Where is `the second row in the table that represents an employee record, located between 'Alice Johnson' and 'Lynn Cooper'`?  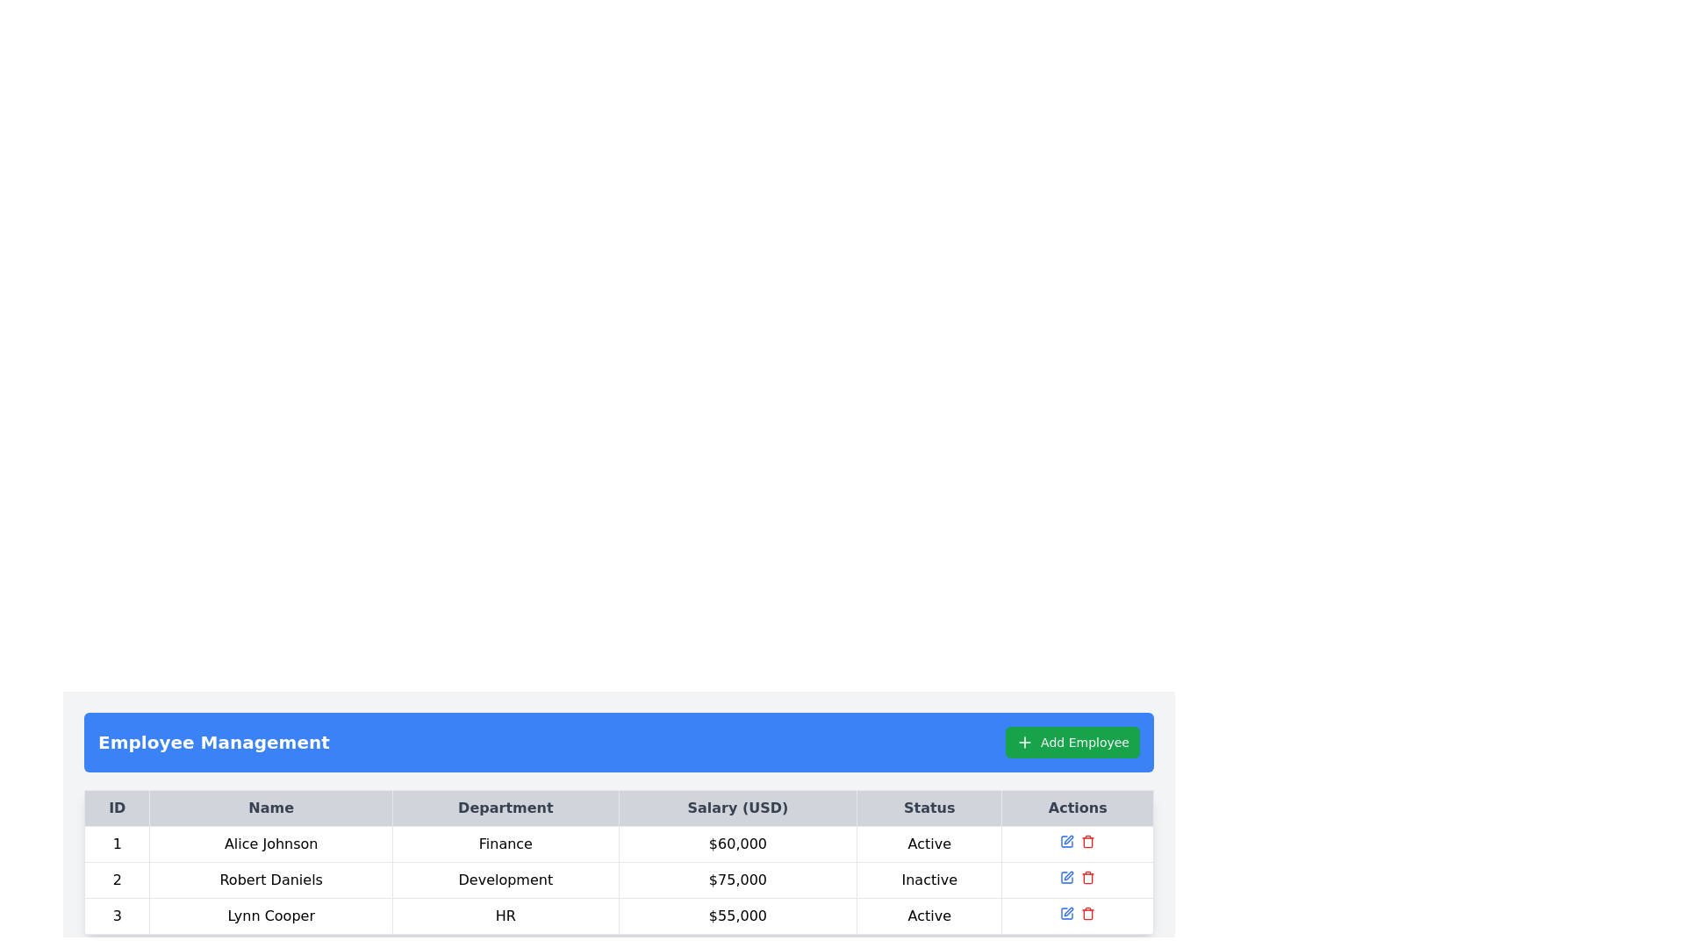 the second row in the table that represents an employee record, located between 'Alice Johnson' and 'Lynn Cooper' is located at coordinates (619, 880).